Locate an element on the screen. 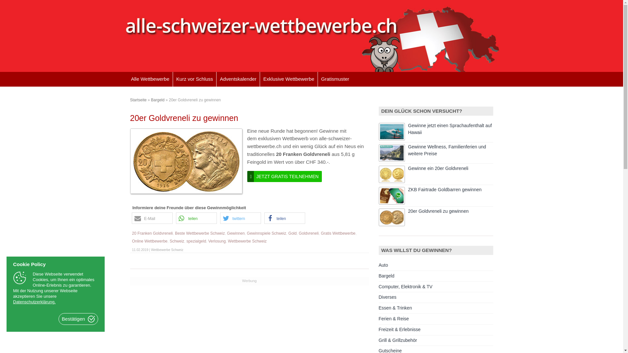 The height and width of the screenshot is (353, 628). 'Computer, Elektronik & TV' is located at coordinates (405, 286).